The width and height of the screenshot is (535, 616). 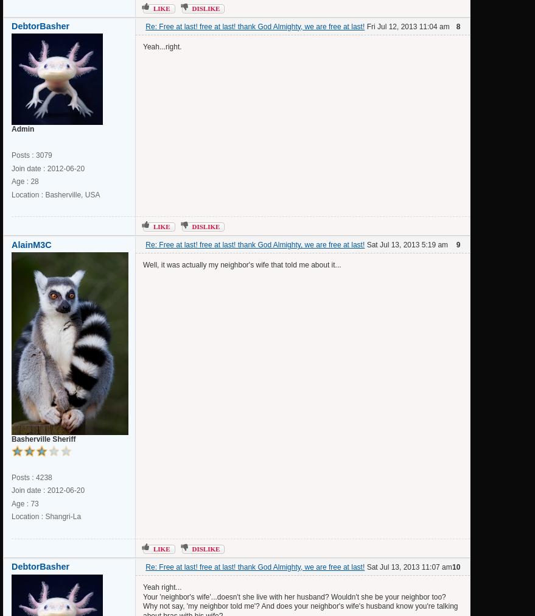 I want to click on '3079', so click(x=35, y=155).